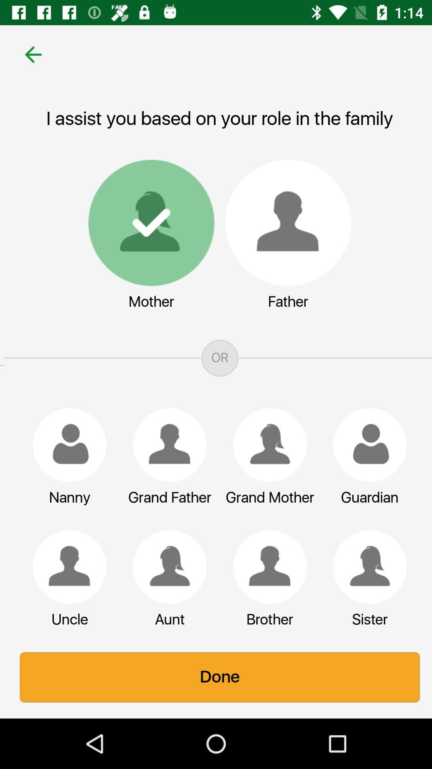 The image size is (432, 769). What do you see at coordinates (65, 566) in the screenshot?
I see `the item below nanny icon` at bounding box center [65, 566].